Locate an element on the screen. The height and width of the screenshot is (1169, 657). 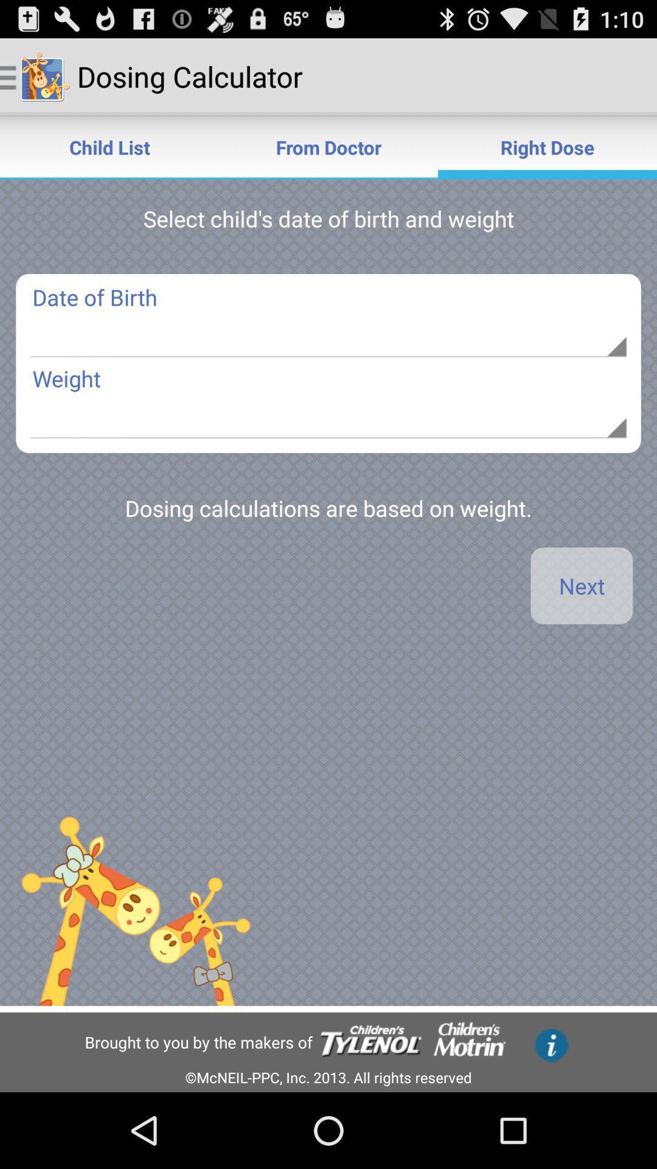
the item on the right is located at coordinates (581, 586).